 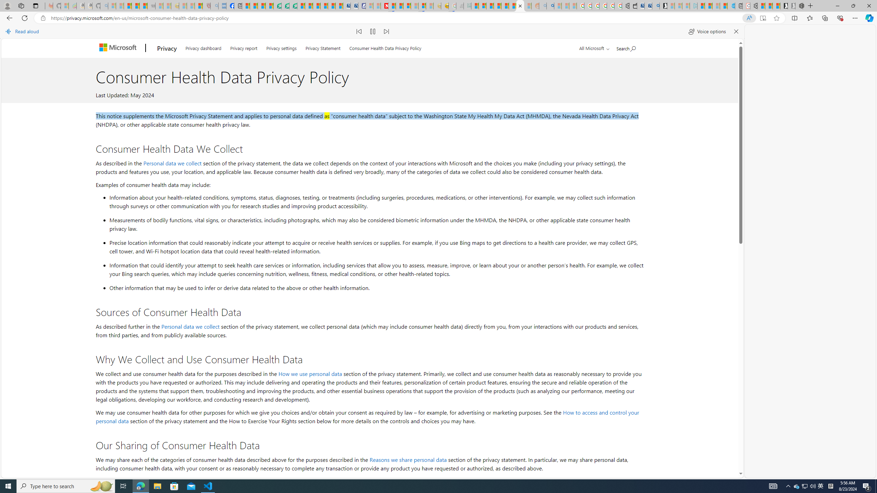 What do you see at coordinates (408, 459) in the screenshot?
I see `'Reasons we share personal data'` at bounding box center [408, 459].